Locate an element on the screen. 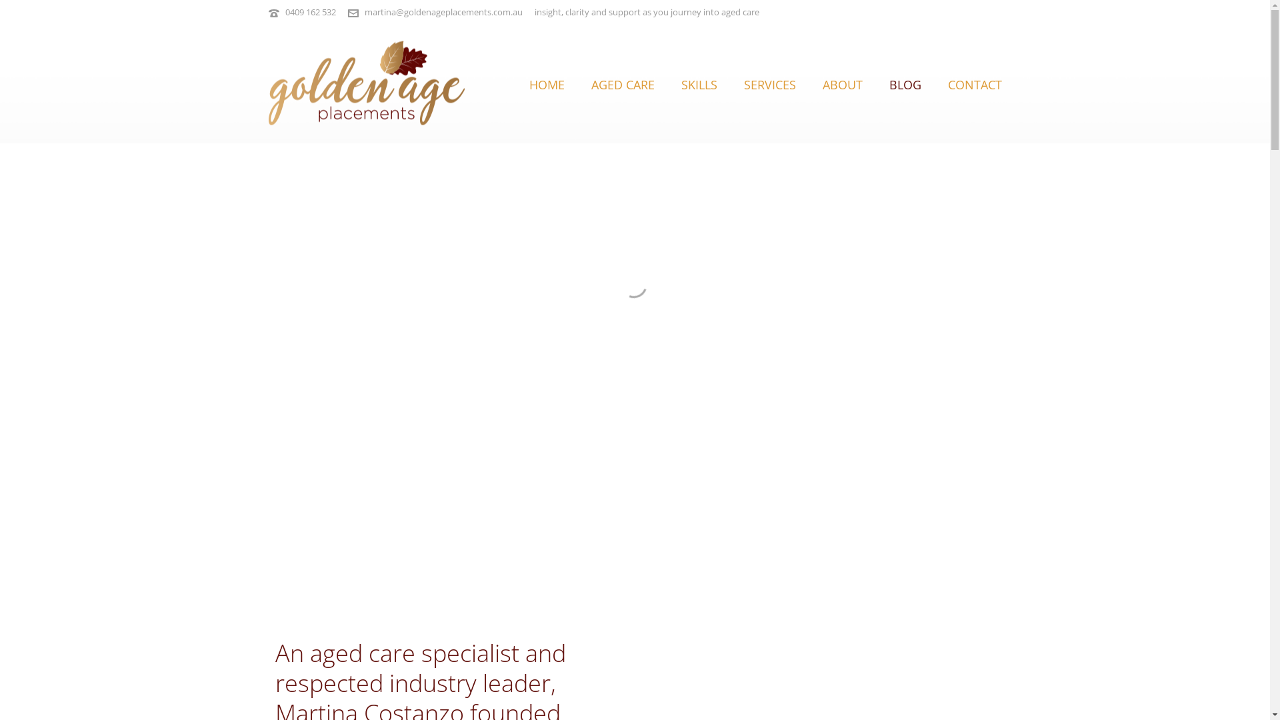 The image size is (1280, 720). 'HOME' is located at coordinates (547, 83).